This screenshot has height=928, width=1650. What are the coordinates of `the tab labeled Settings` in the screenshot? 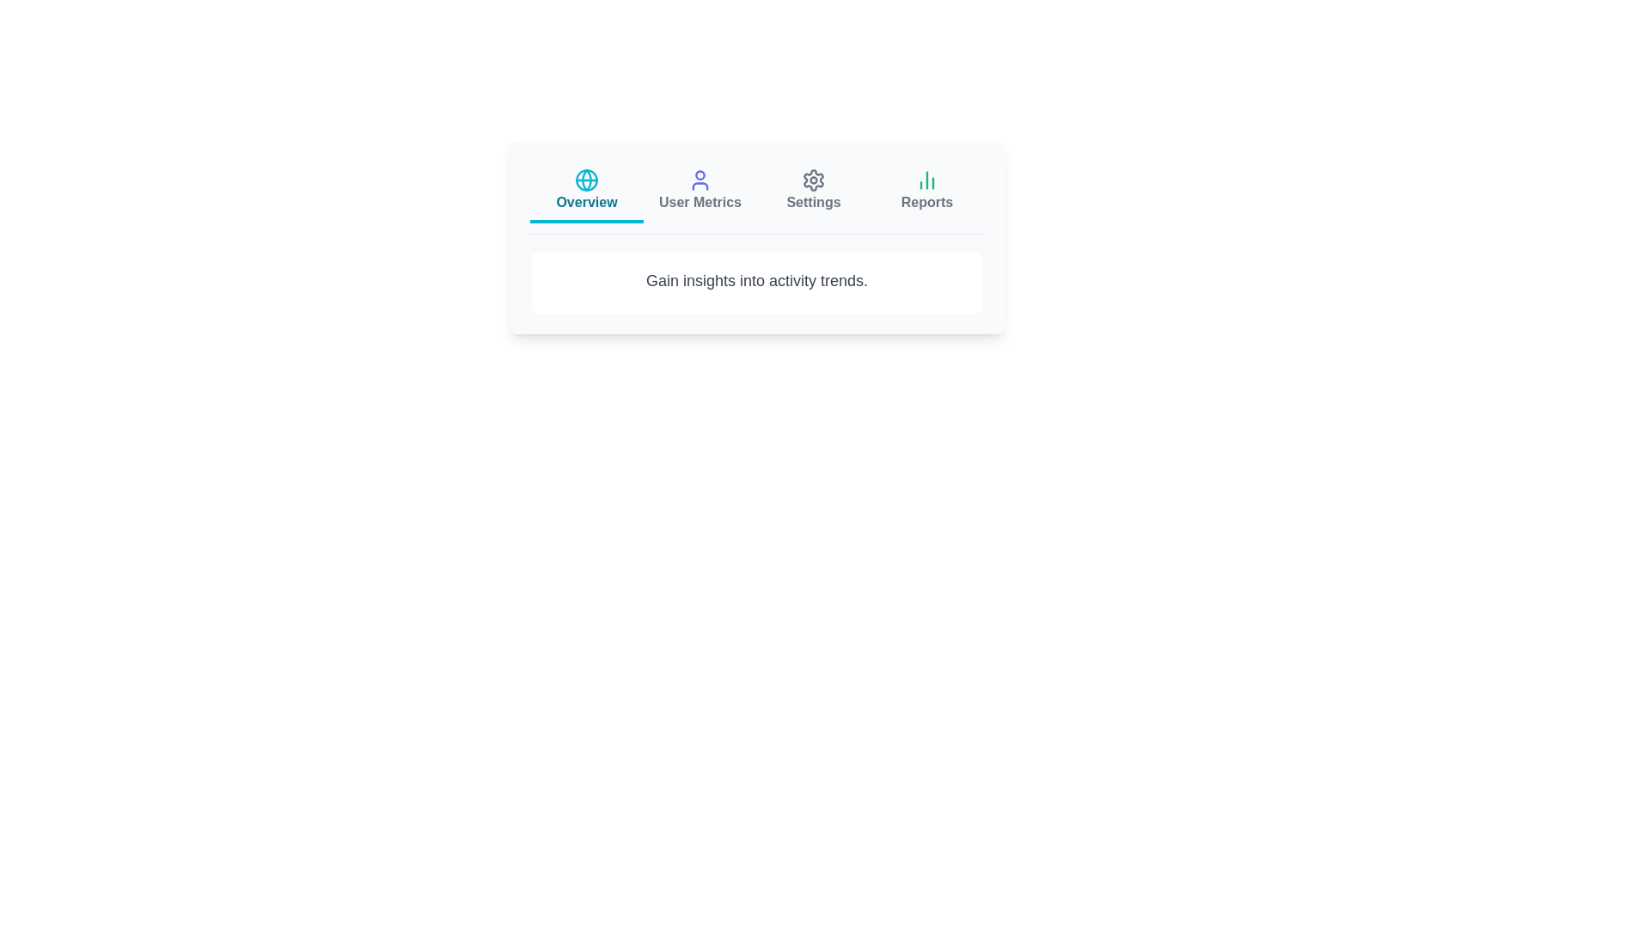 It's located at (812, 192).